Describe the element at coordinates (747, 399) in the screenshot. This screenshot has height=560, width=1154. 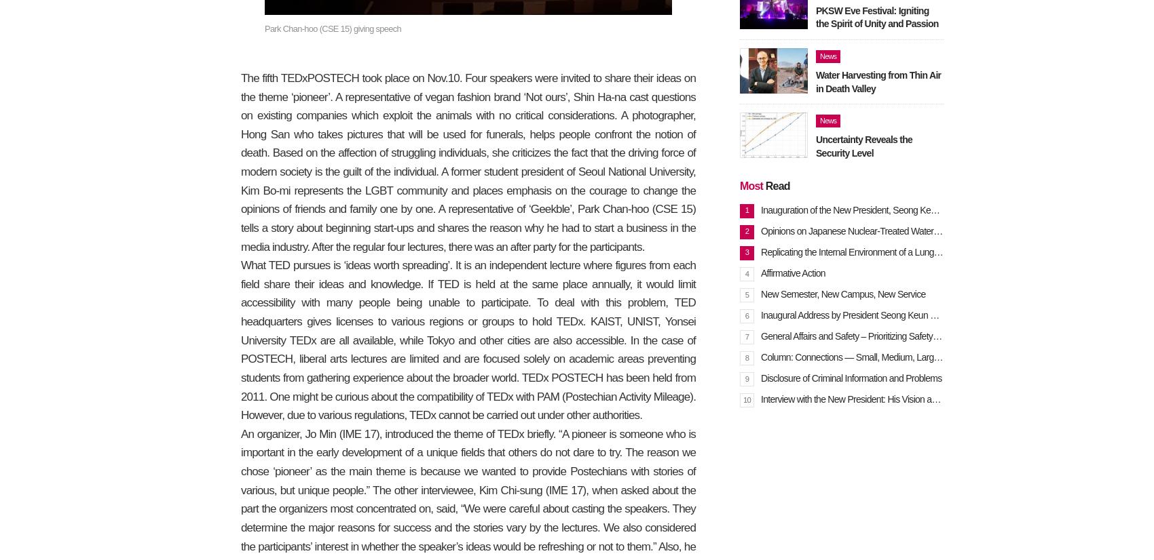
I see `'10'` at that location.